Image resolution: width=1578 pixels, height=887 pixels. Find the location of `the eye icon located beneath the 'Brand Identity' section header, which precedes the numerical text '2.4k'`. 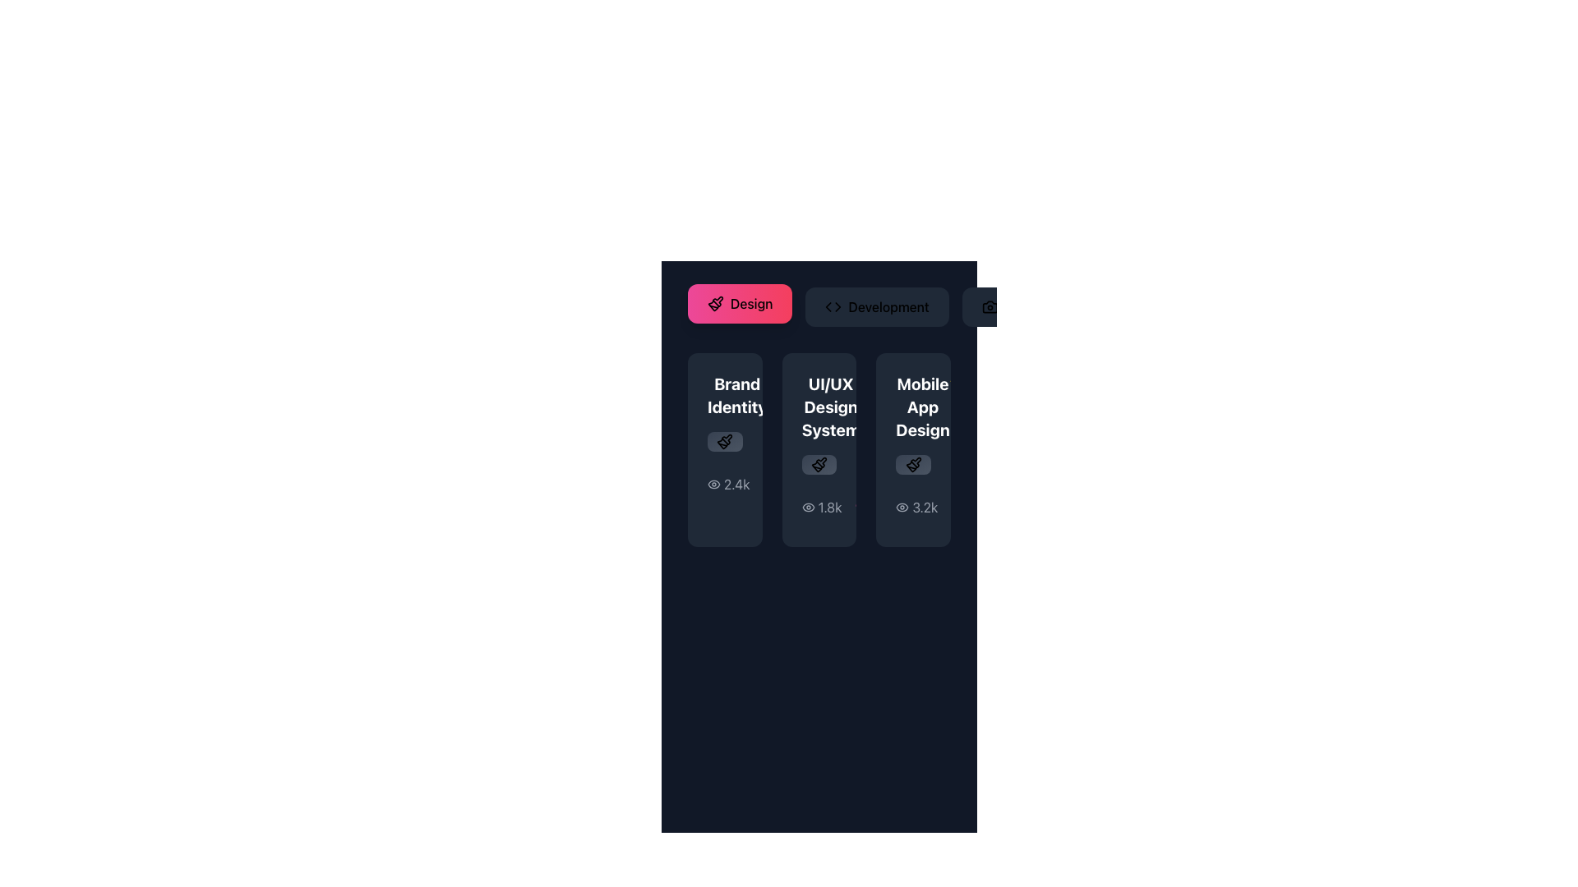

the eye icon located beneath the 'Brand Identity' section header, which precedes the numerical text '2.4k' is located at coordinates (713, 483).